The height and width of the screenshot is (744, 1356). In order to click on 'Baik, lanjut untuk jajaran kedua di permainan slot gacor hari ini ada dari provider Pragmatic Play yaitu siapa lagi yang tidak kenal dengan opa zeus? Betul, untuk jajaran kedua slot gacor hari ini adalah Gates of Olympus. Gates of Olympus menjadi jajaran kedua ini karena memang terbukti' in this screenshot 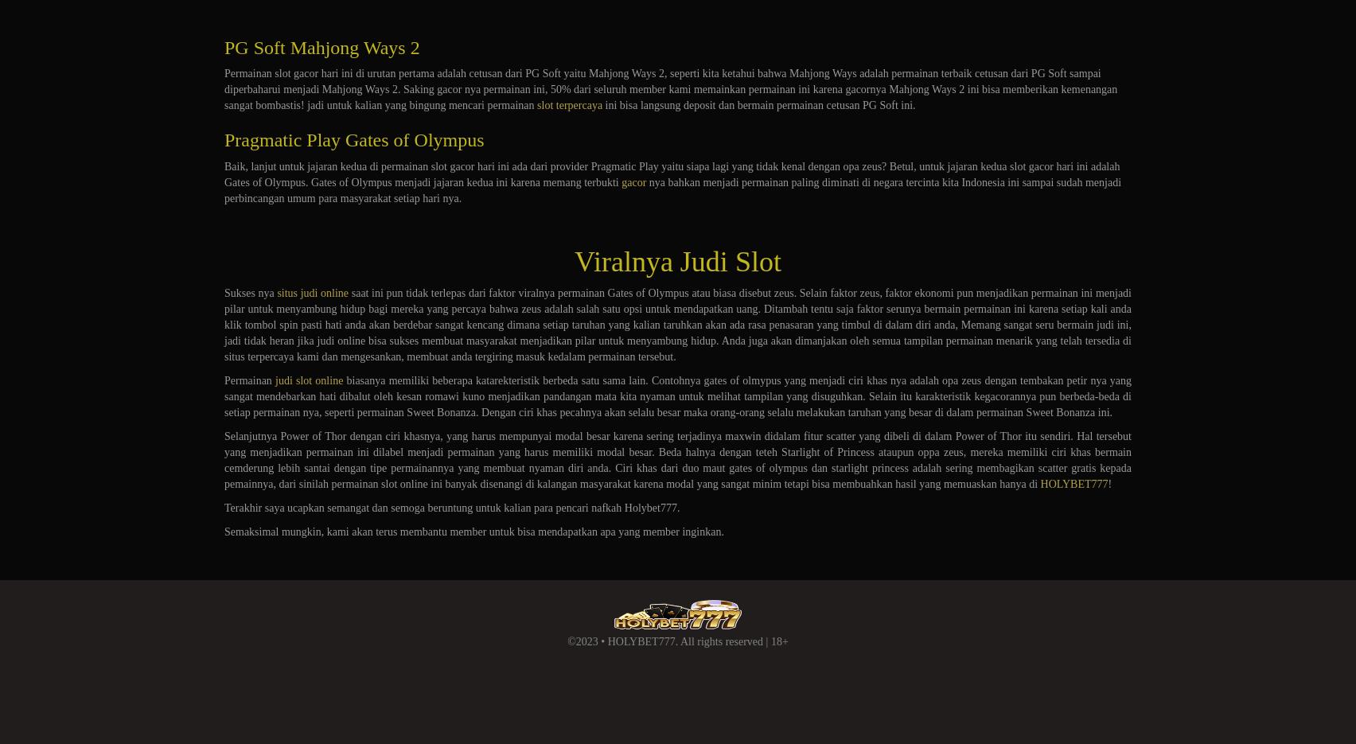, I will do `click(671, 173)`.